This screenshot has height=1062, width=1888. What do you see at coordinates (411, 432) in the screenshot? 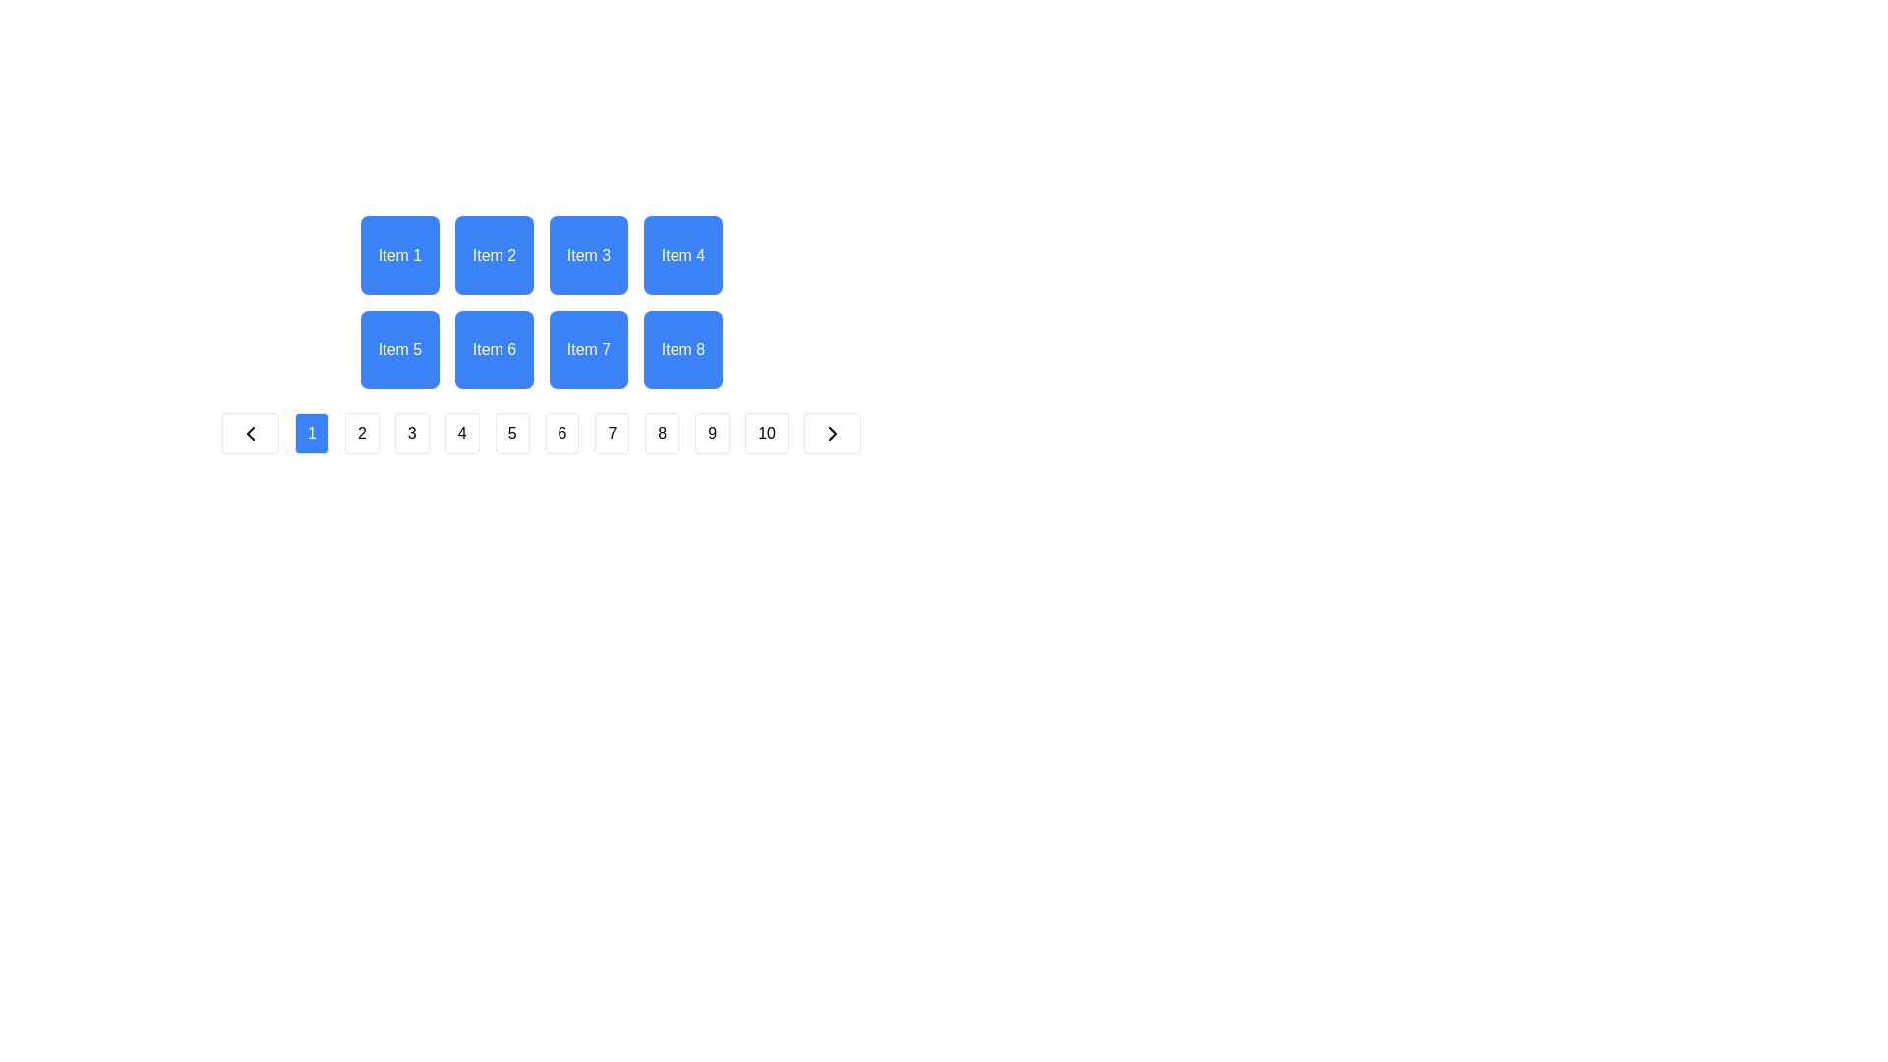
I see `the third pagination button located in the horizontal list, positioned between buttons '2' and '4'` at bounding box center [411, 432].